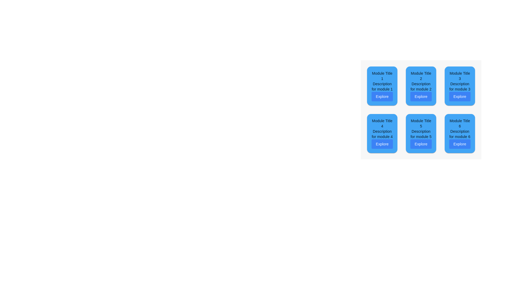 This screenshot has width=507, height=285. Describe the element at coordinates (421, 76) in the screenshot. I see `the text label 'Module Title 2', which is the topmost item in the second module of a grid layout, displayed in bold within a blue background` at that location.